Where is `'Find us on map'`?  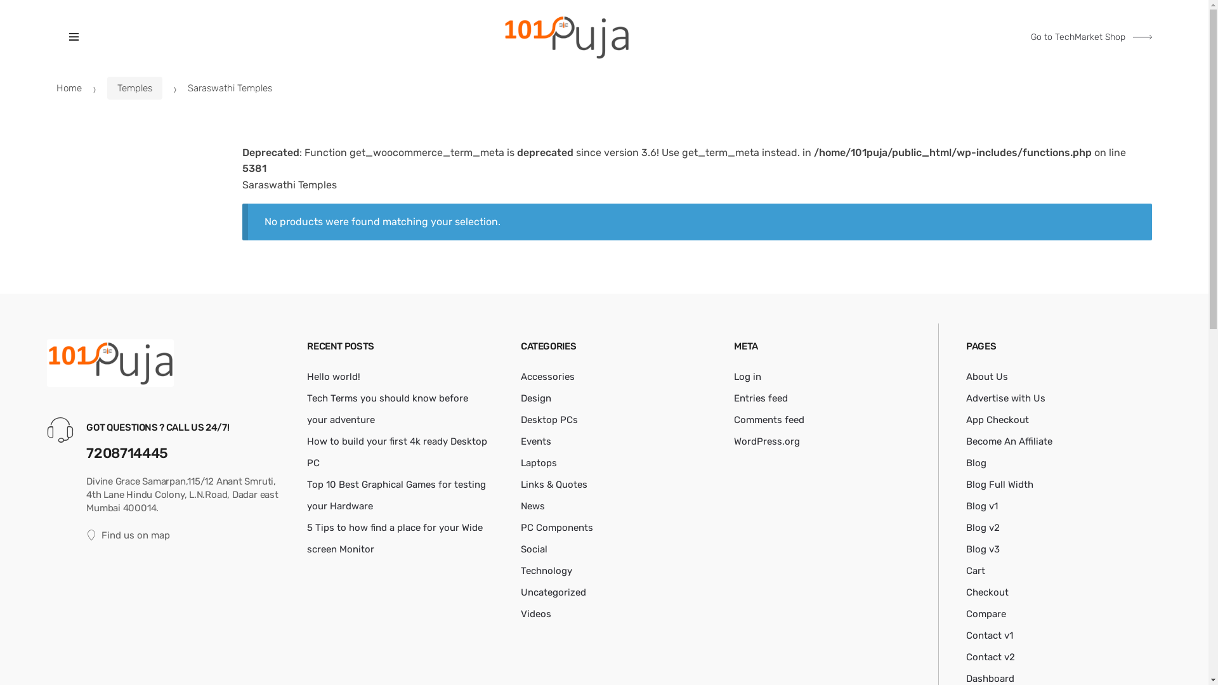
'Find us on map' is located at coordinates (186, 535).